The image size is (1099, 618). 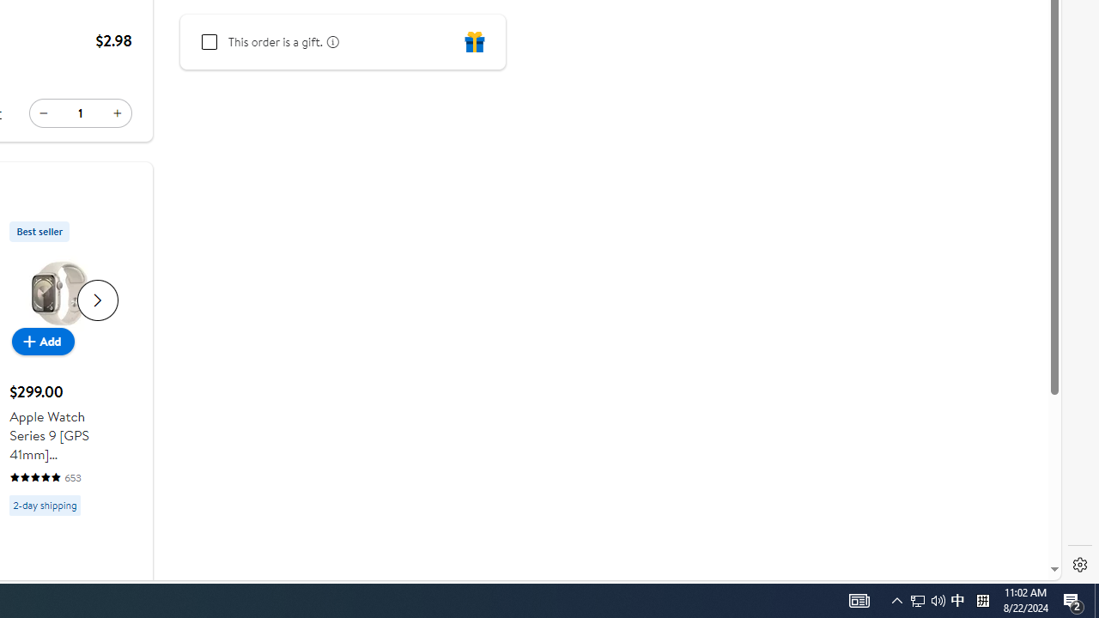 What do you see at coordinates (331, 40) in the screenshot?
I see `'learn more about gifting'` at bounding box center [331, 40].